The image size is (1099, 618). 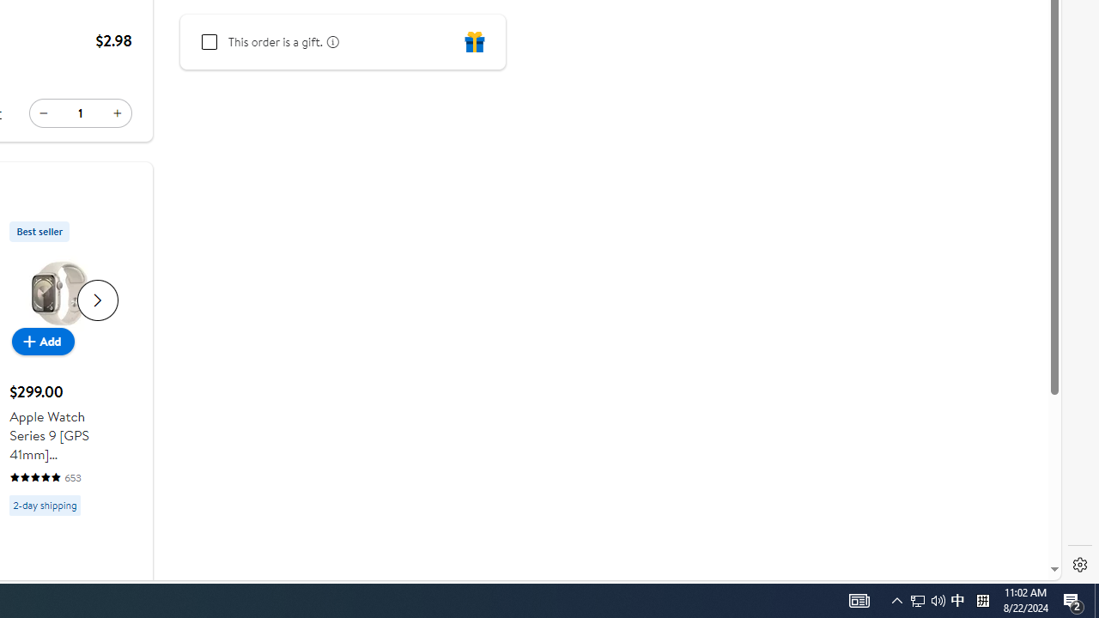 What do you see at coordinates (331, 40) in the screenshot?
I see `'learn more about gifting'` at bounding box center [331, 40].